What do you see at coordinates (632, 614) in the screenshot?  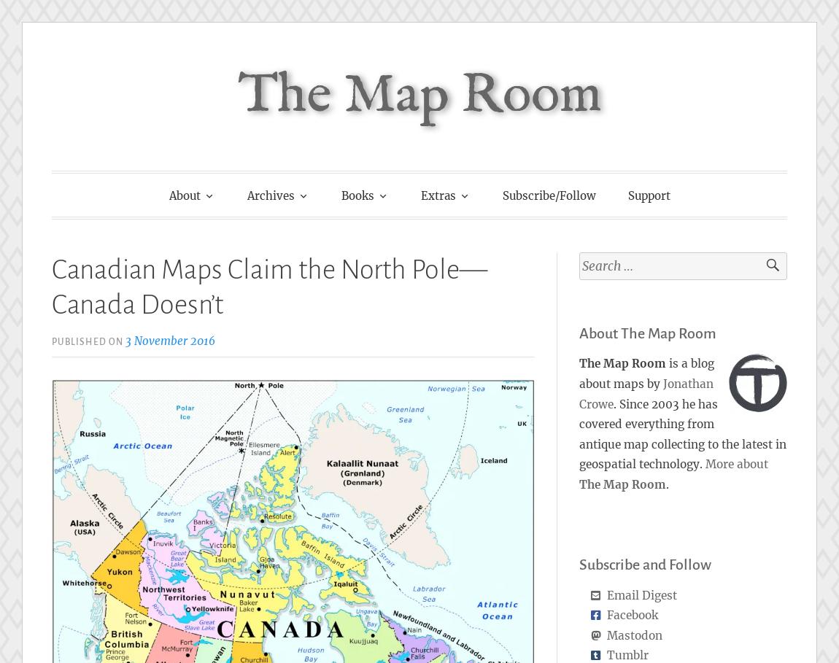 I see `'Facebook'` at bounding box center [632, 614].